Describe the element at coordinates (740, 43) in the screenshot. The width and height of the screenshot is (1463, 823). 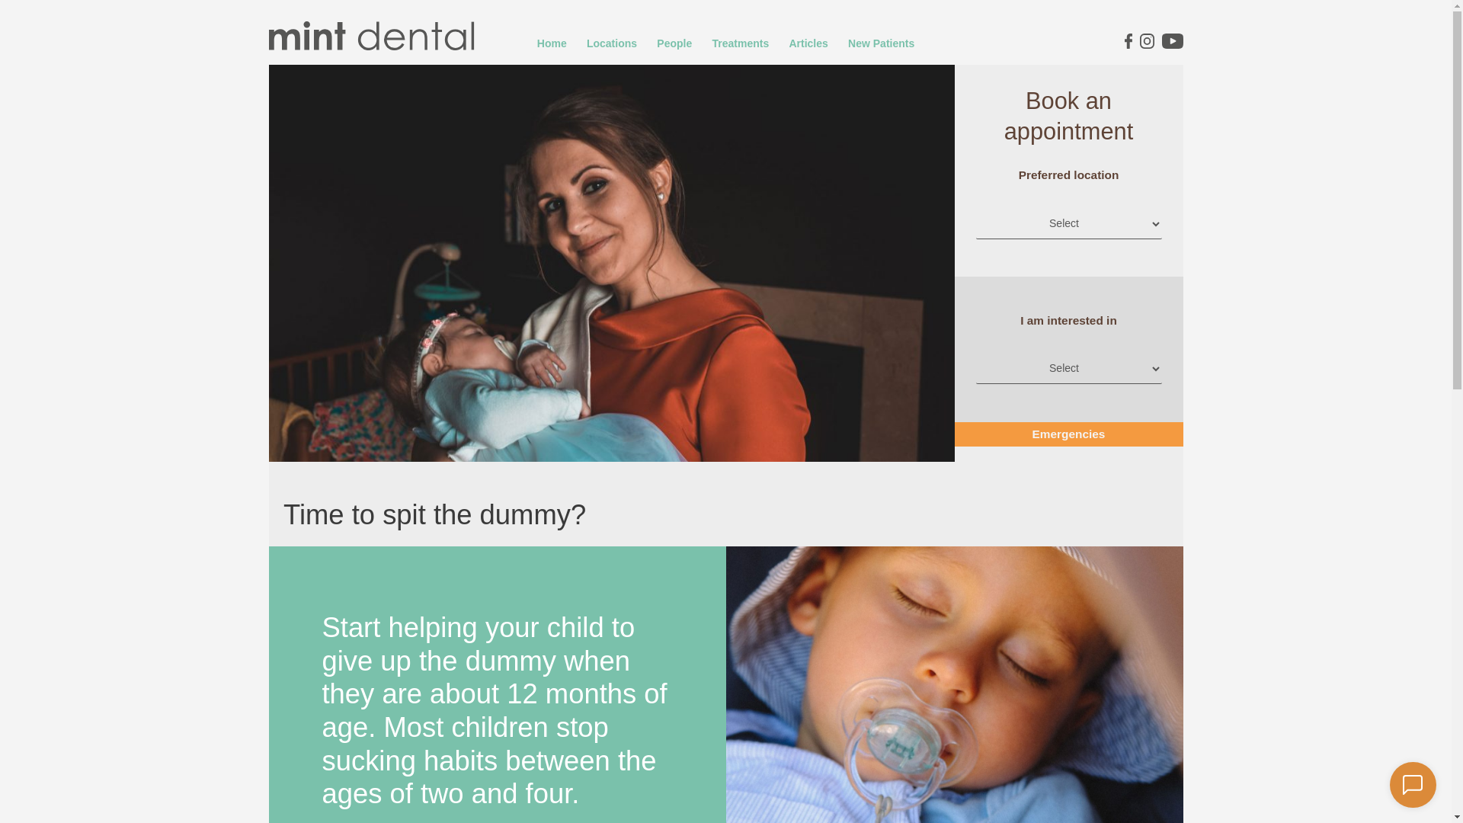
I see `'Treatments'` at that location.